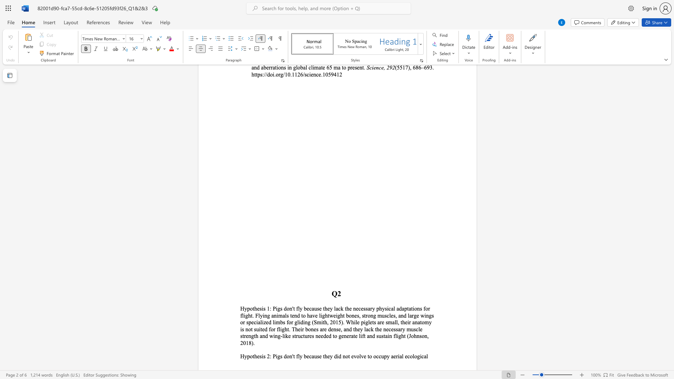  Describe the element at coordinates (369, 335) in the screenshot. I see `the subset text "nd sustain flight (Johnson" within the text "e strength and wing-like structures needed to generate lift and sustain flight (Johnson, 2018)."` at that location.